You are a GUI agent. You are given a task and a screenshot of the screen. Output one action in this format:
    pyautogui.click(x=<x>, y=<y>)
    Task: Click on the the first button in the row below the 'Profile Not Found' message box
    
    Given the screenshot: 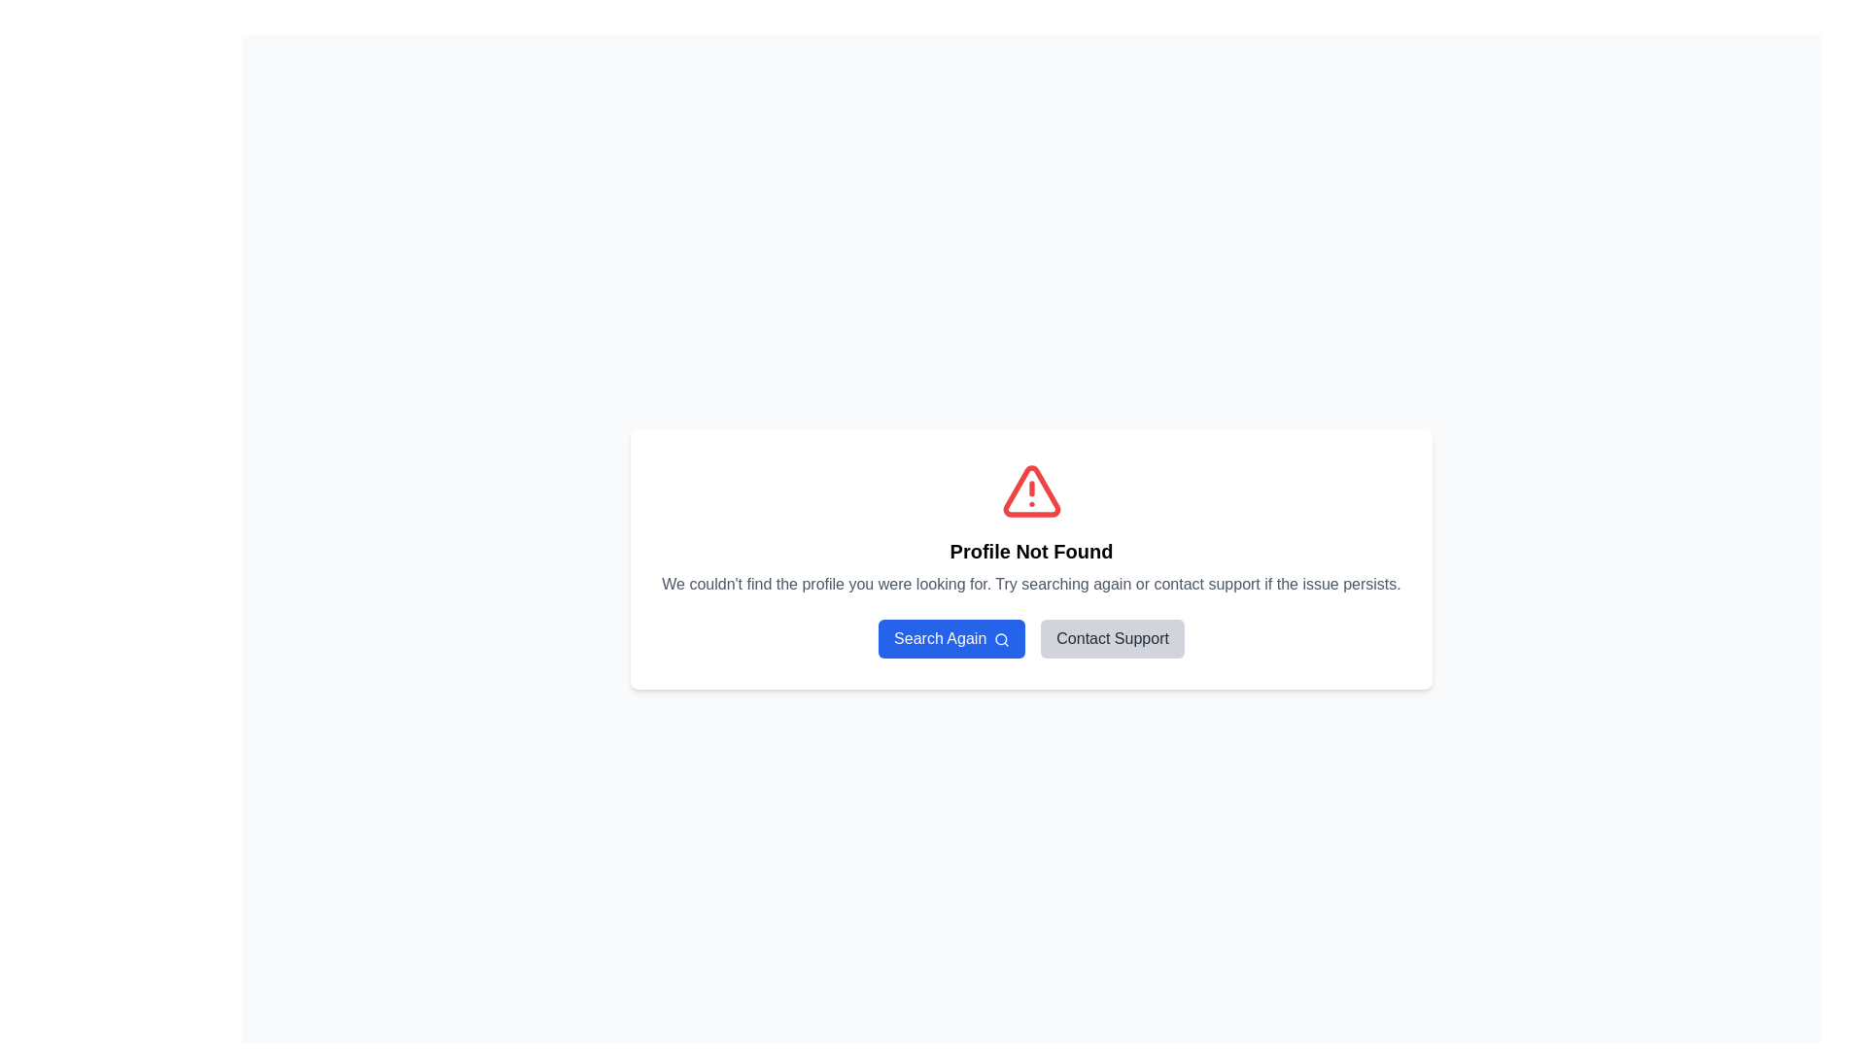 What is the action you would take?
    pyautogui.click(x=951, y=639)
    